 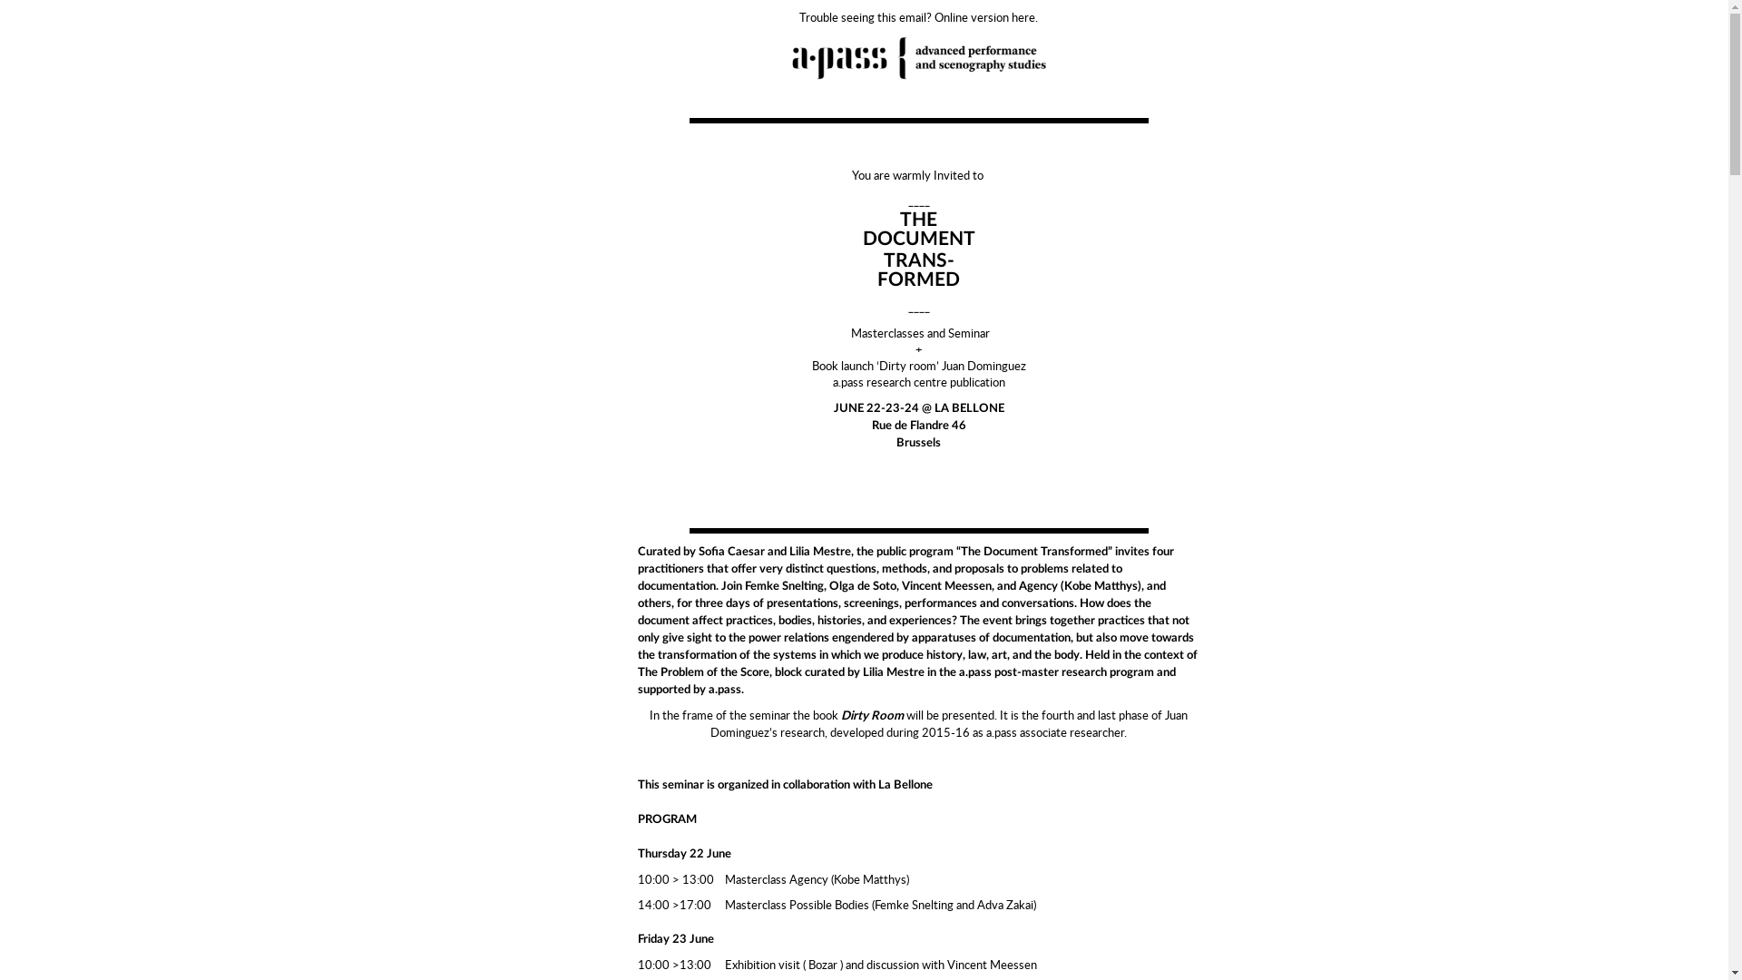 What do you see at coordinates (1023, 17) in the screenshot?
I see `'here'` at bounding box center [1023, 17].